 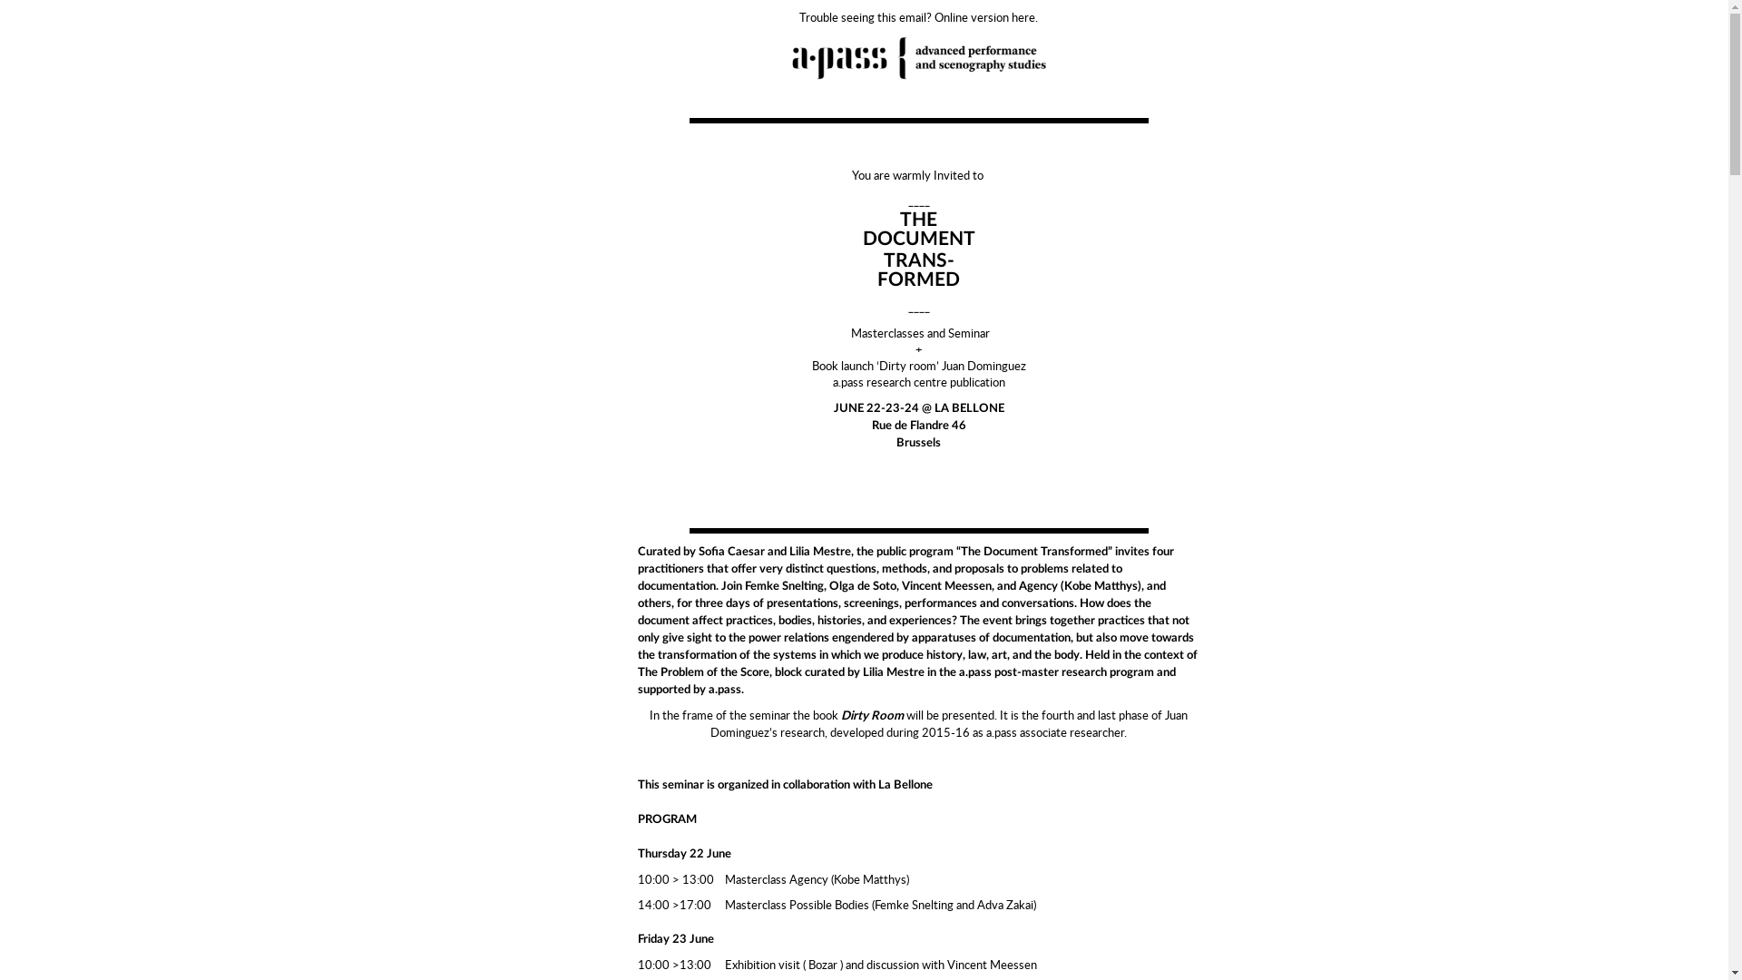 What do you see at coordinates (1023, 17) in the screenshot?
I see `'here'` at bounding box center [1023, 17].